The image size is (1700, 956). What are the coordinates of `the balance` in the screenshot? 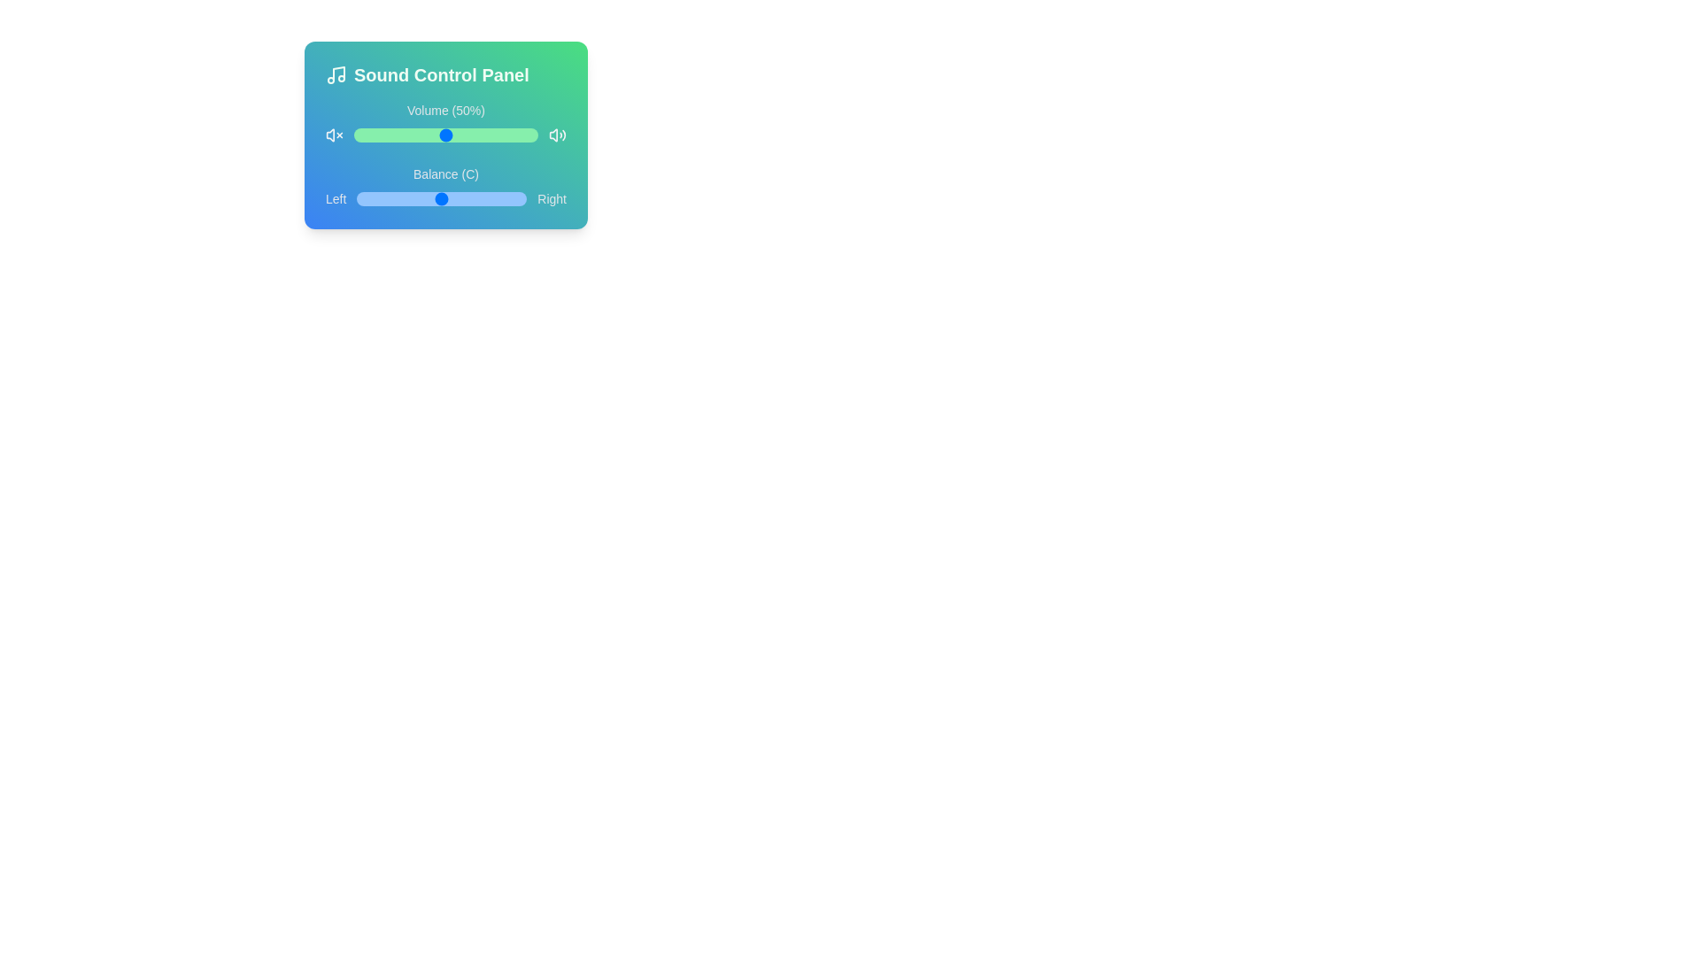 It's located at (413, 198).